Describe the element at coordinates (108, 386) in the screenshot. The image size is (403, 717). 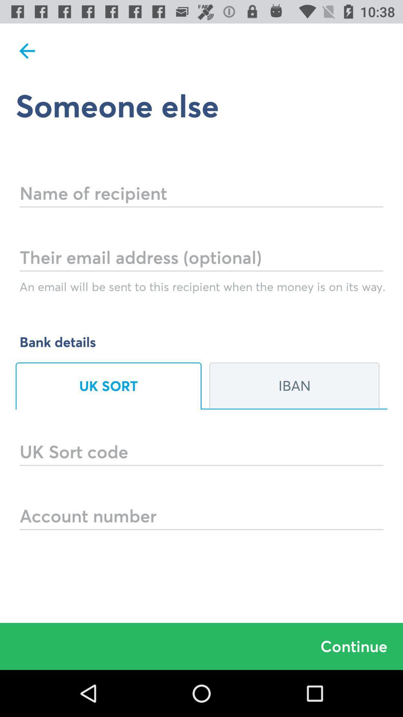
I see `item on the left` at that location.